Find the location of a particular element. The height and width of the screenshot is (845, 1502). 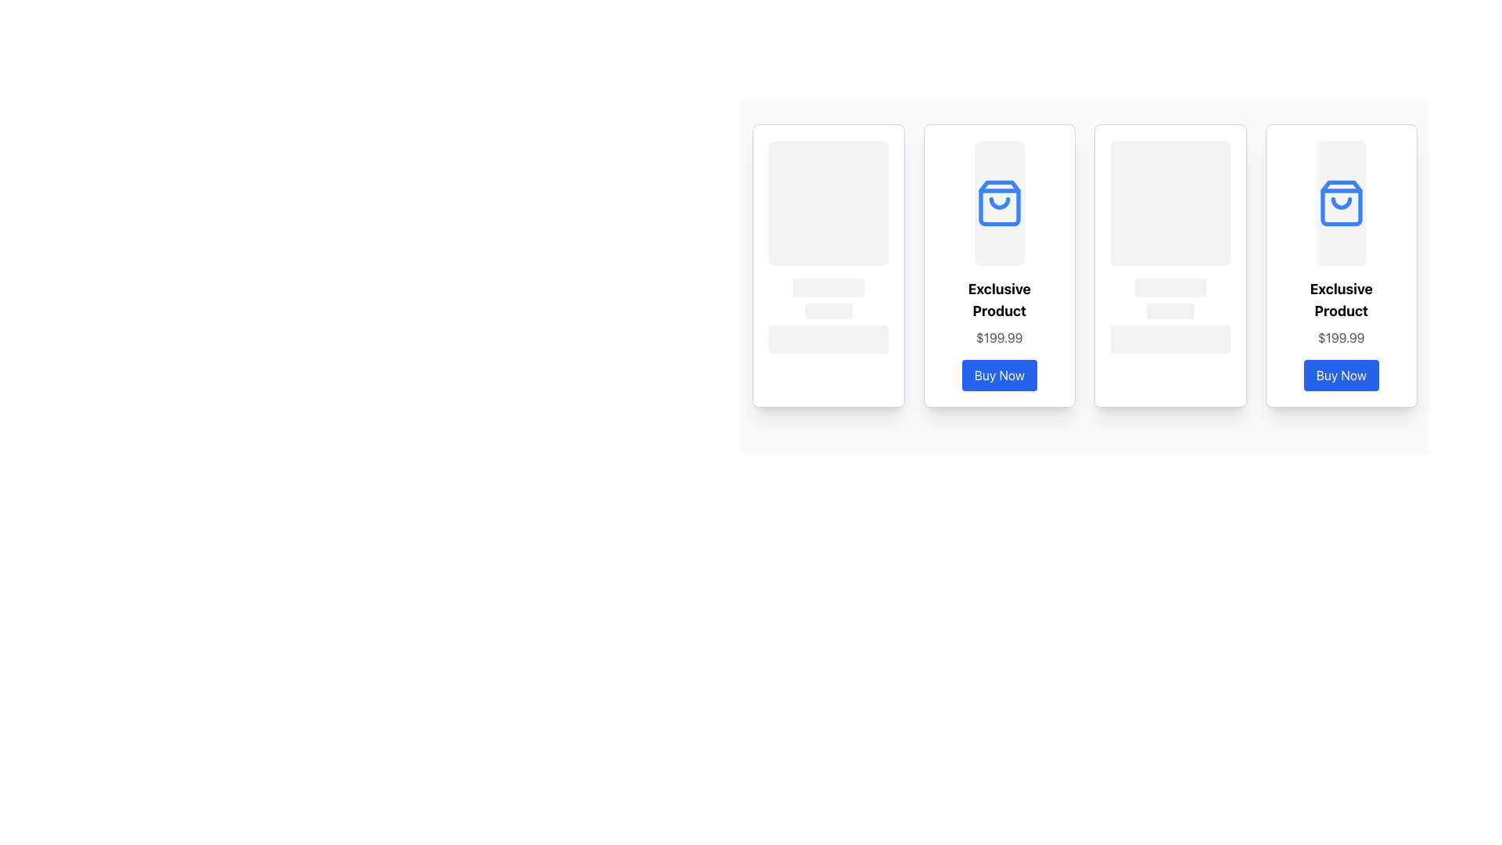

text of the product title label located within the bordered card layout, positioned below the placeholder image and above the price label '$199.99' is located at coordinates (998, 300).